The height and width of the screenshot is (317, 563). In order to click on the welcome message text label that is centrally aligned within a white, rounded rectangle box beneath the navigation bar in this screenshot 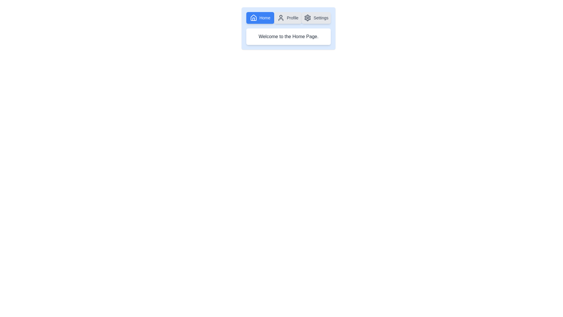, I will do `click(288, 36)`.